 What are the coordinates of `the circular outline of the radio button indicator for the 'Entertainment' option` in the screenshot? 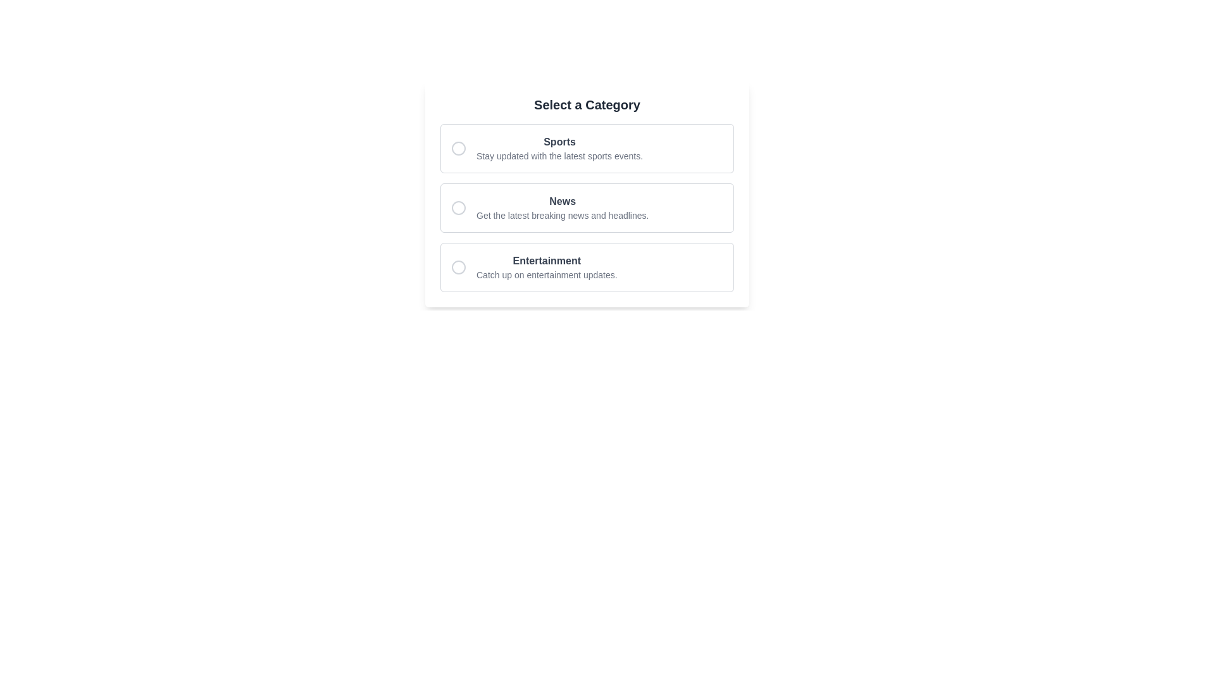 It's located at (458, 267).